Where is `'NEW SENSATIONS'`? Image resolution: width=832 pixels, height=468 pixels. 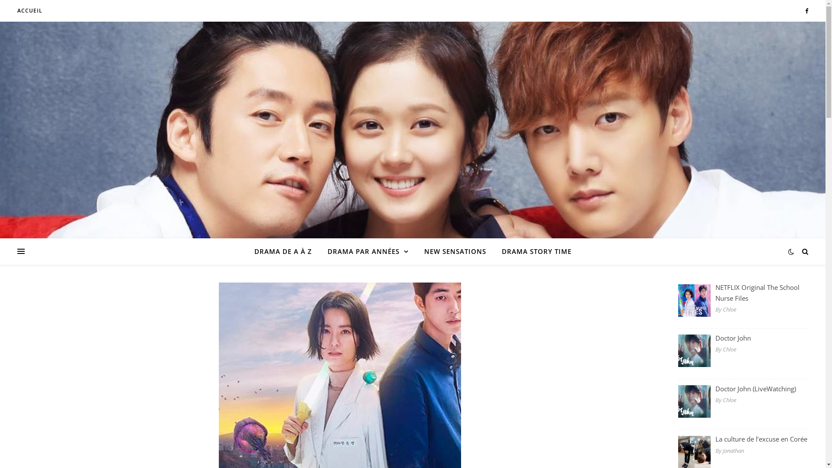
'NEW SENSATIONS' is located at coordinates (454, 251).